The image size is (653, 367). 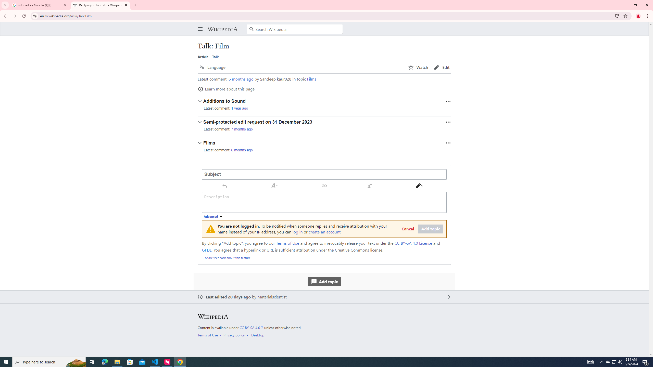 What do you see at coordinates (199, 25) in the screenshot?
I see `'AutomationID: main-menu-input'` at bounding box center [199, 25].